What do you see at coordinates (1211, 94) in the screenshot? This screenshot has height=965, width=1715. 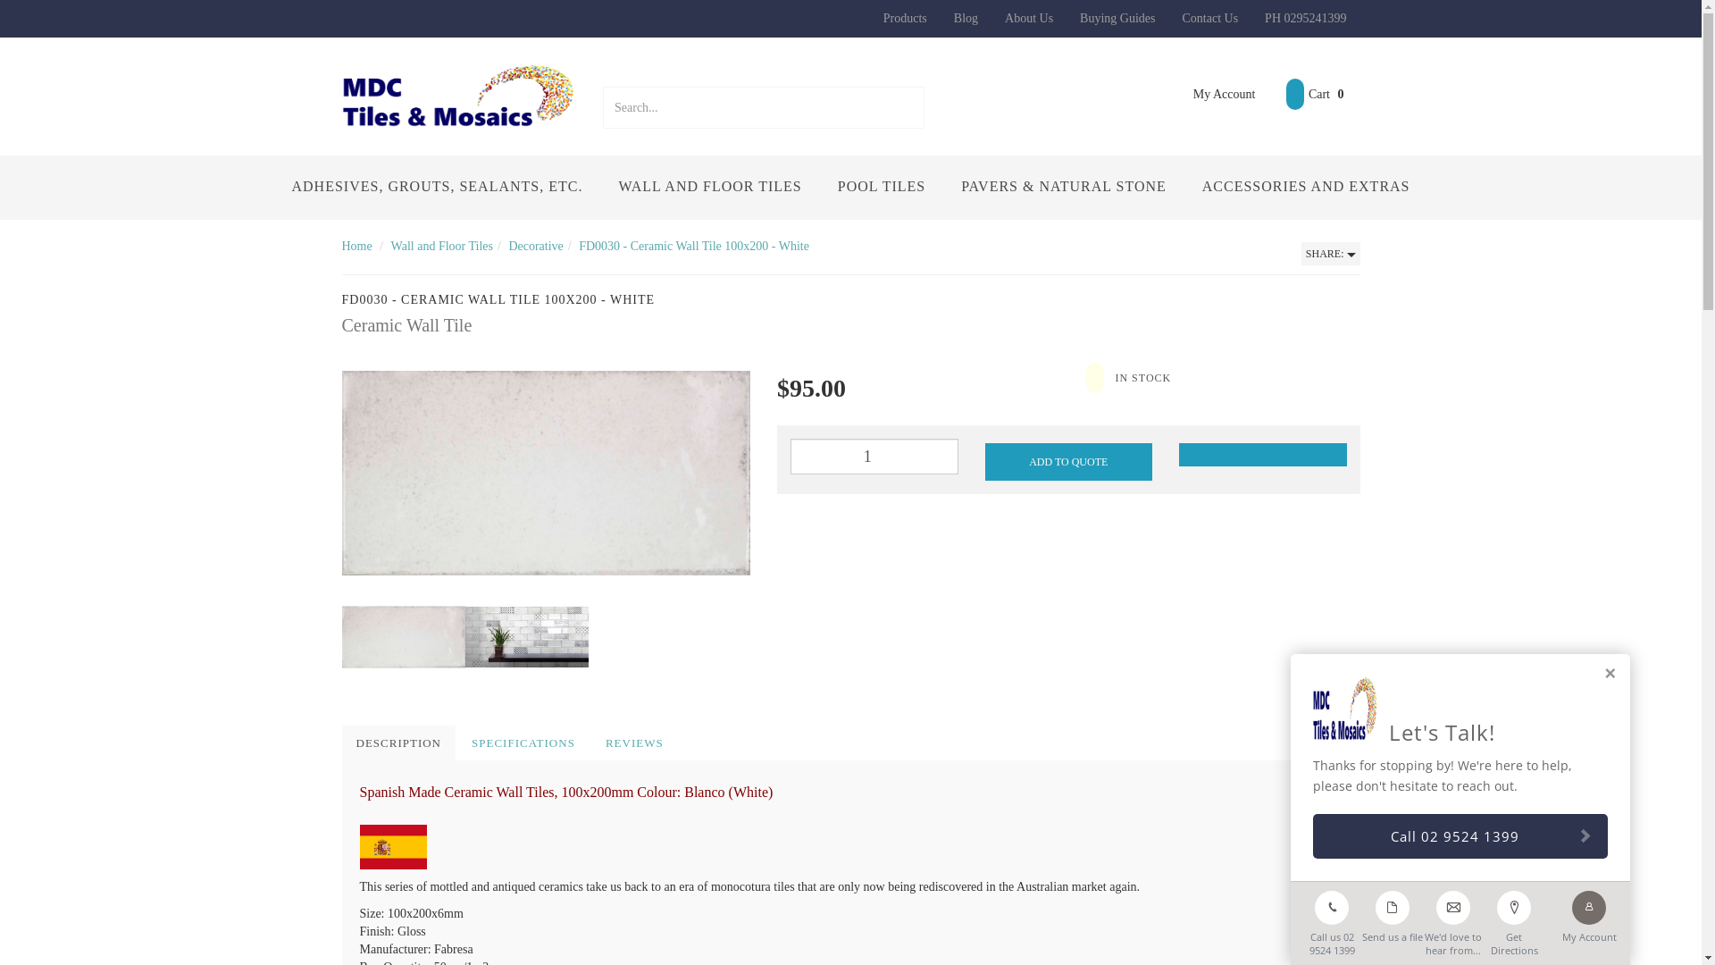 I see `'My Account'` at bounding box center [1211, 94].